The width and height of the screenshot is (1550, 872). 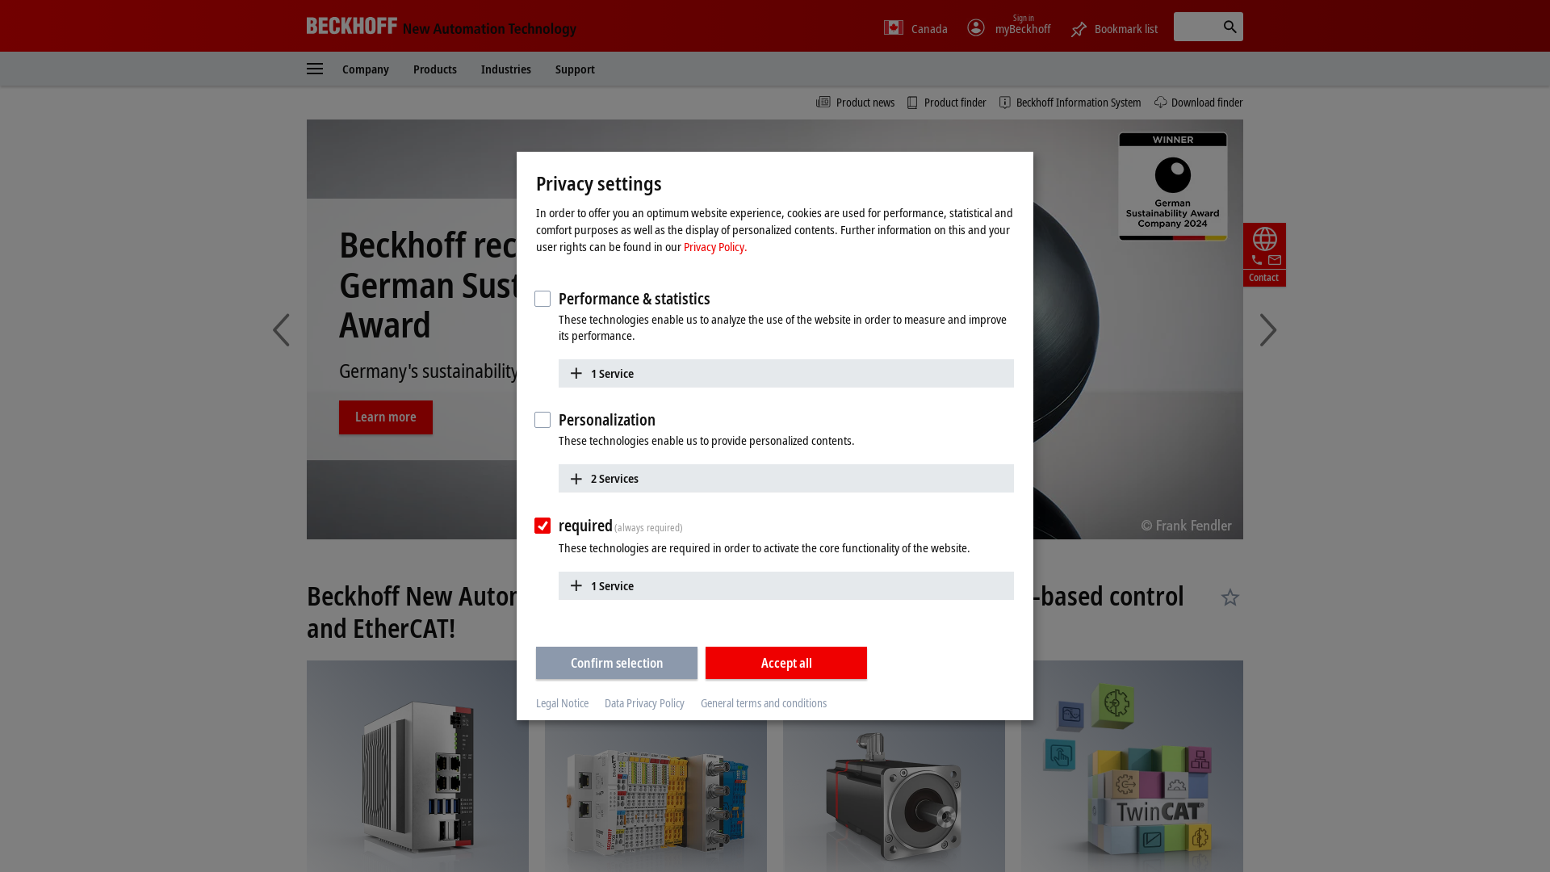 What do you see at coordinates (562, 702) in the screenshot?
I see `'Legal Notice'` at bounding box center [562, 702].